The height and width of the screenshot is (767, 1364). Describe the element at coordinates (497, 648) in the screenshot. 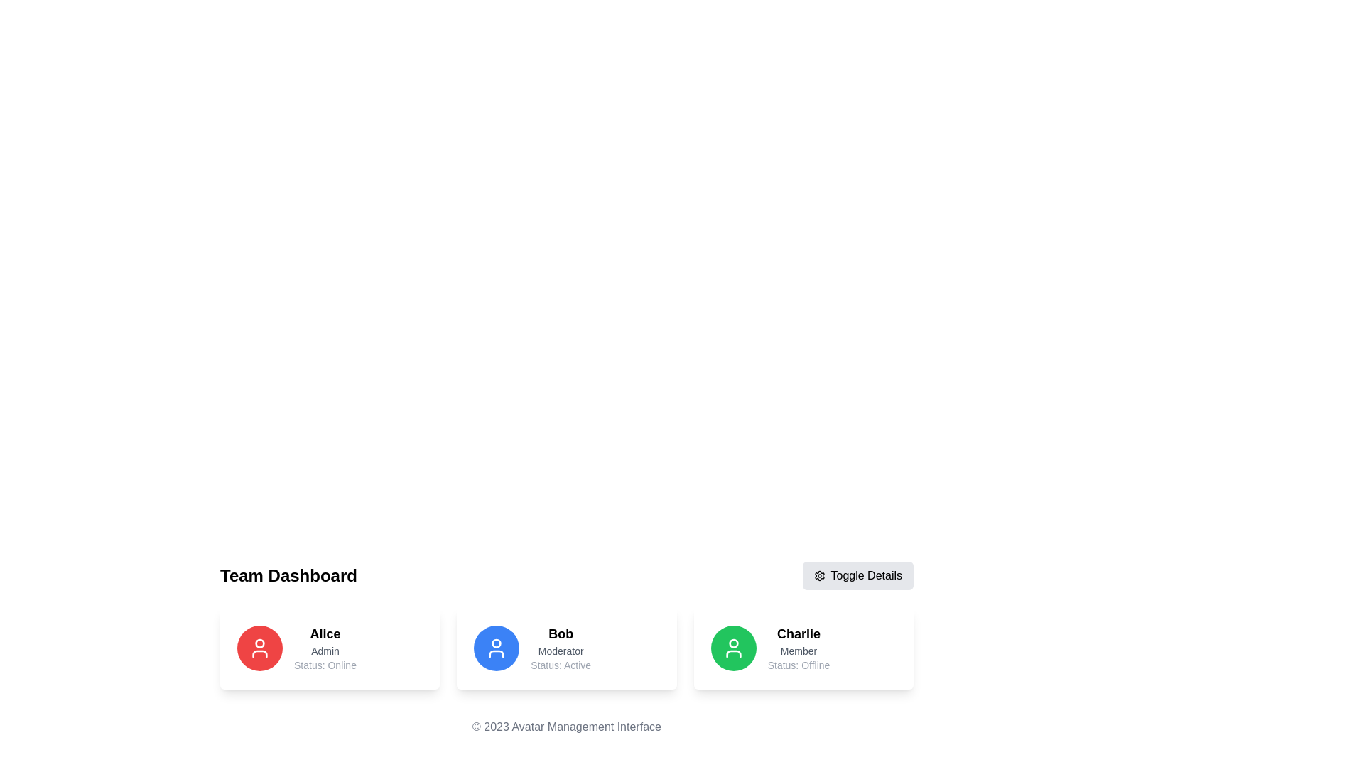

I see `the Avatar representing 'Bob', which is located in the second card among three cards at the lower center part of the interface` at that location.